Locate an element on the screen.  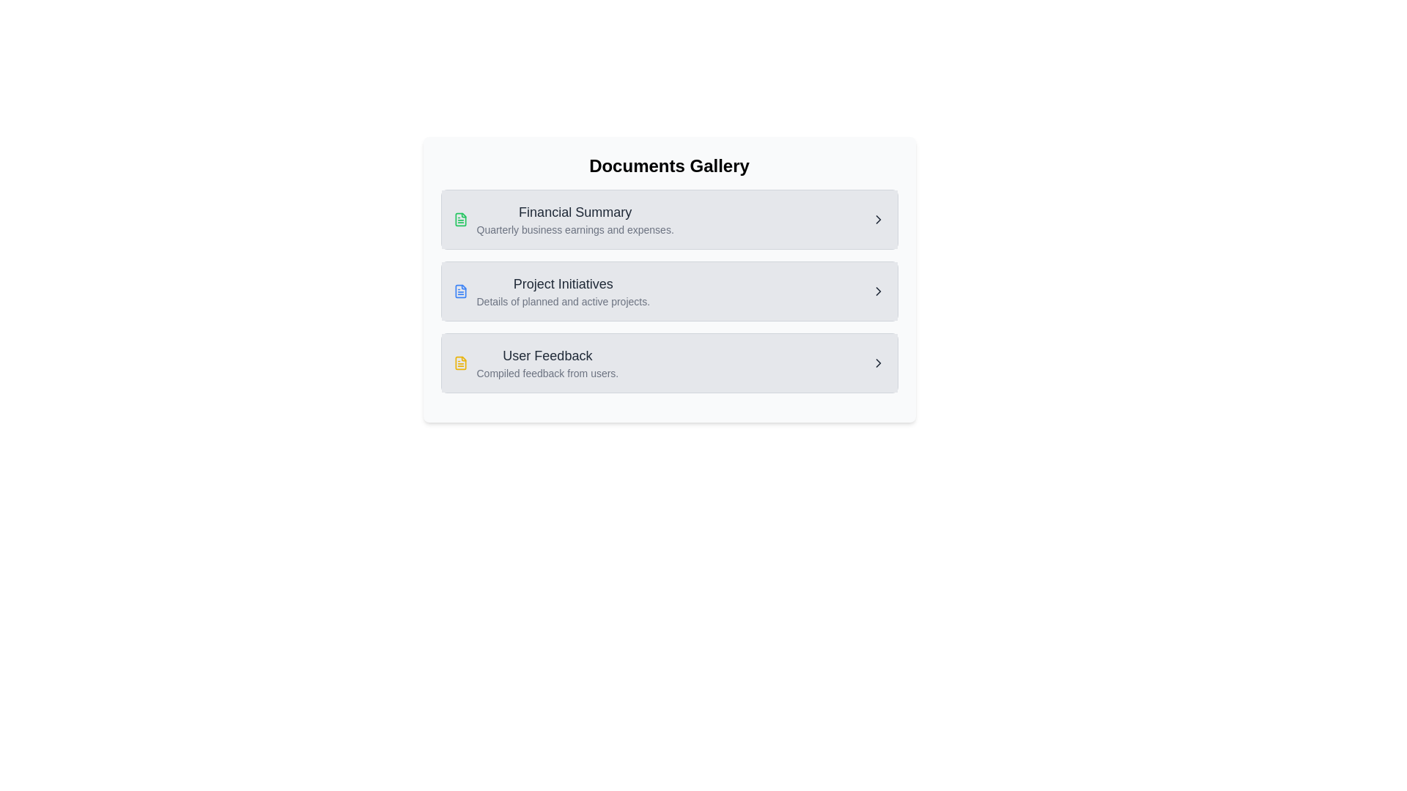
the static text element displaying 'Details of planned and active projects.' positioned below the 'Project Initiatives' heading is located at coordinates (562, 301).